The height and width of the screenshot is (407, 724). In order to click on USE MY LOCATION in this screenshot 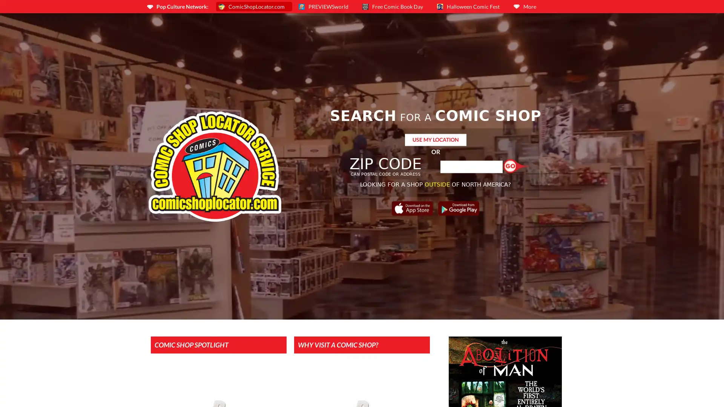, I will do `click(435, 139)`.